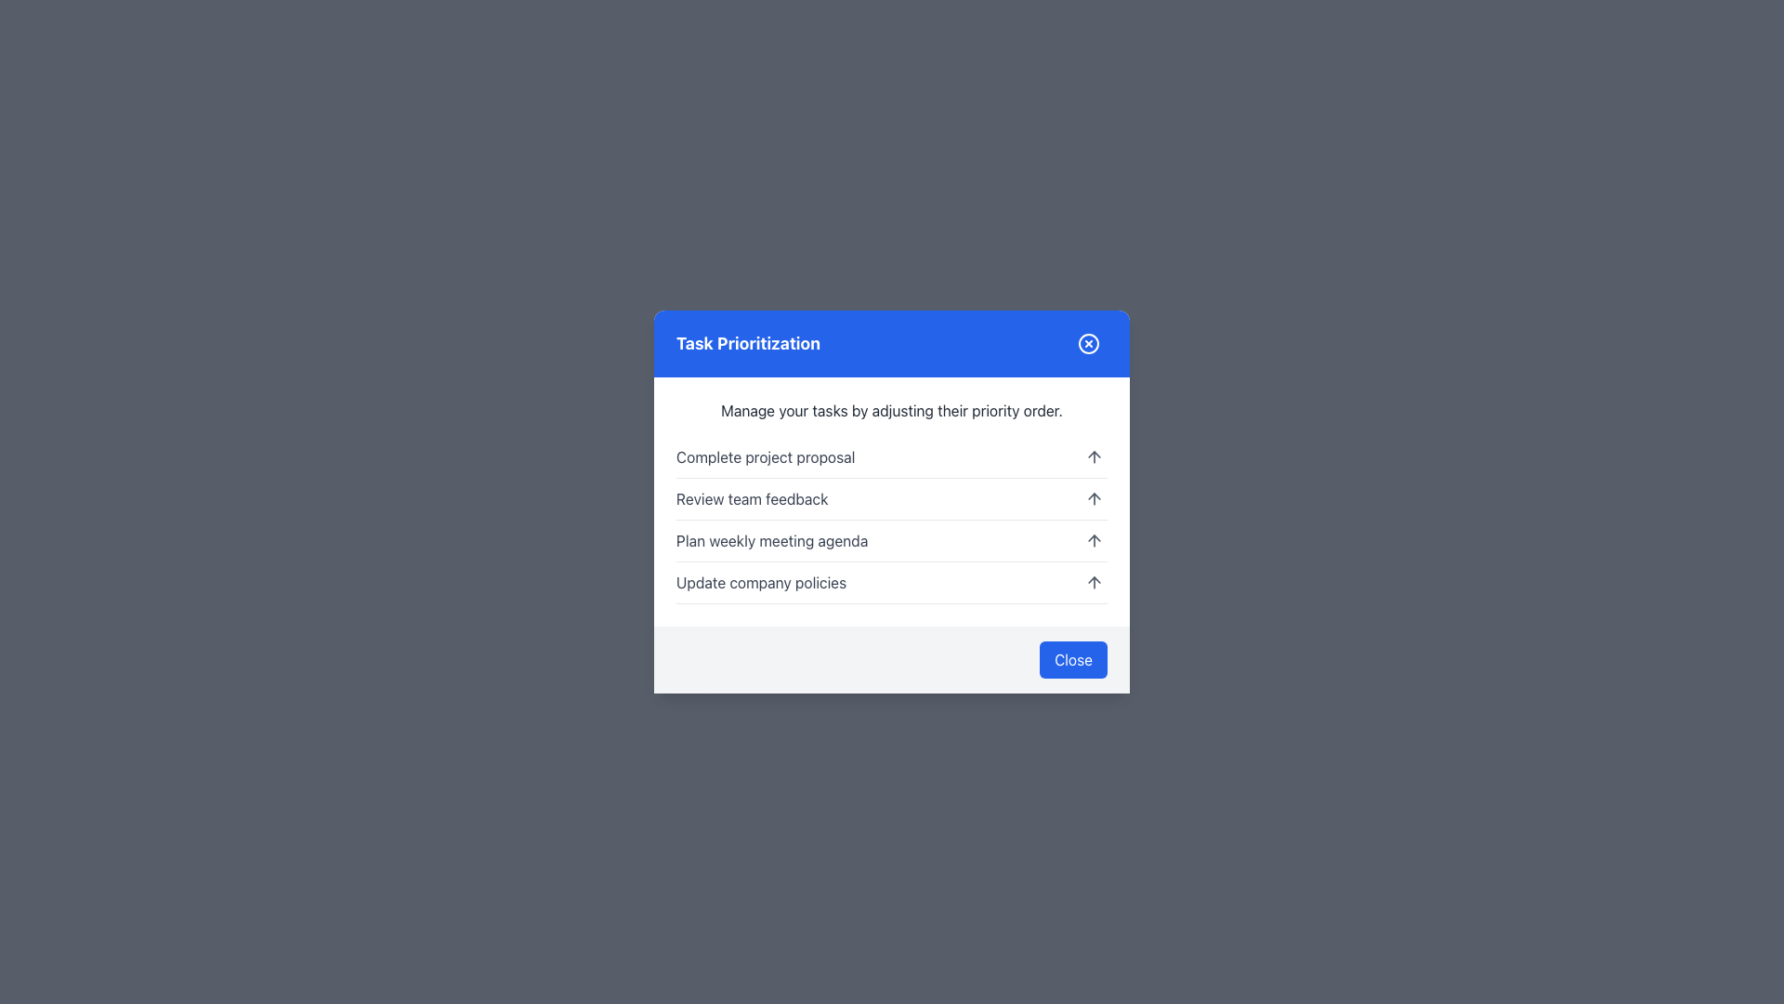  Describe the element at coordinates (892, 541) in the screenshot. I see `the third row of the task prioritization list, which is located between 'Review team feedback' and 'Update company policies'` at that location.